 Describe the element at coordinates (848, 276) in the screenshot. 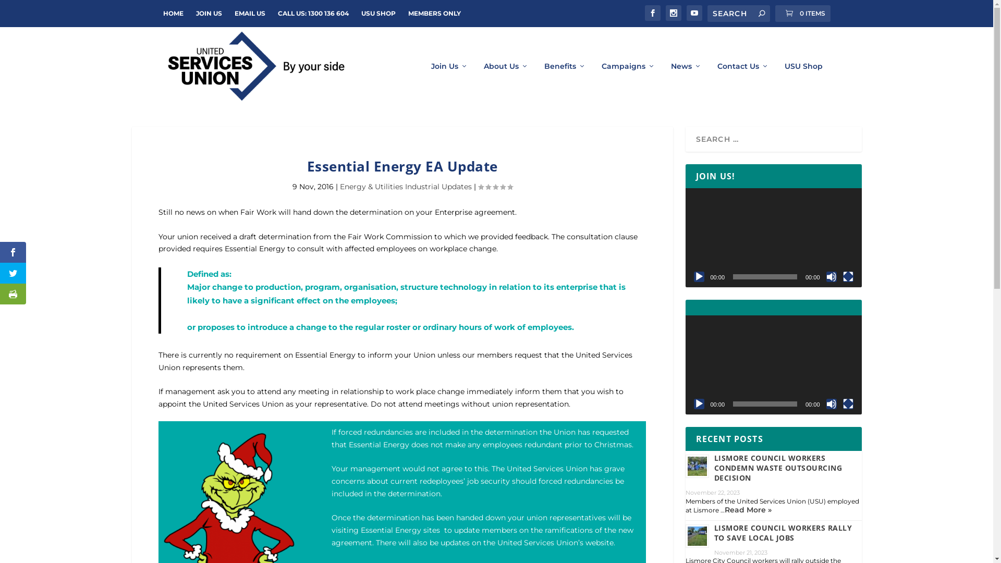

I see `'Fullscreen'` at that location.